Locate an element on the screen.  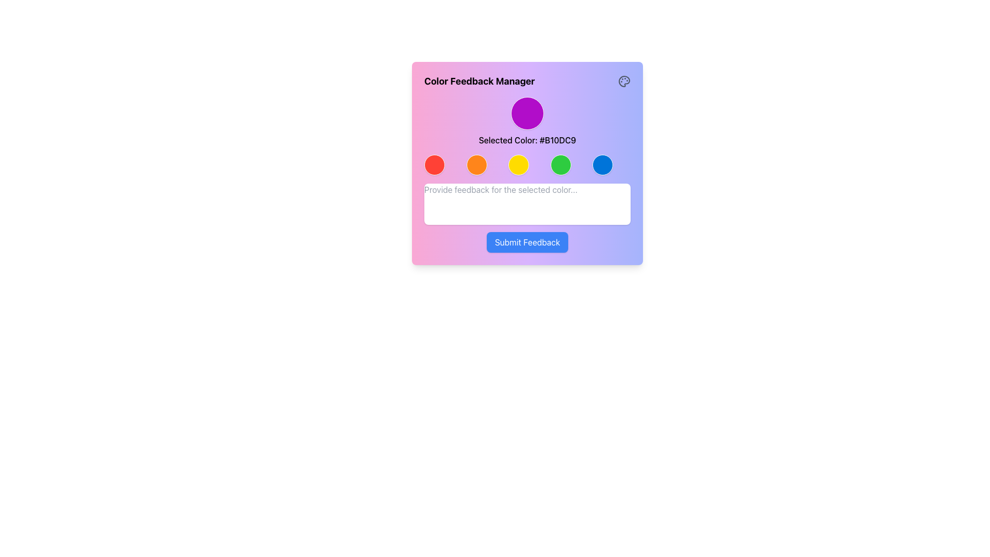
the left-most circular button in the row of five color selection buttons is located at coordinates (435, 165).